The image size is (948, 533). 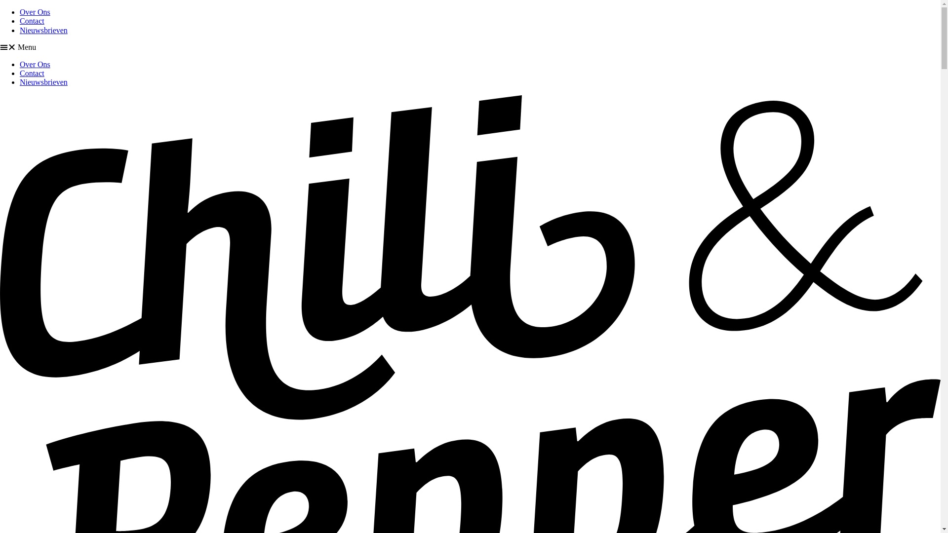 What do you see at coordinates (43, 81) in the screenshot?
I see `'Nieuwsbrieven'` at bounding box center [43, 81].